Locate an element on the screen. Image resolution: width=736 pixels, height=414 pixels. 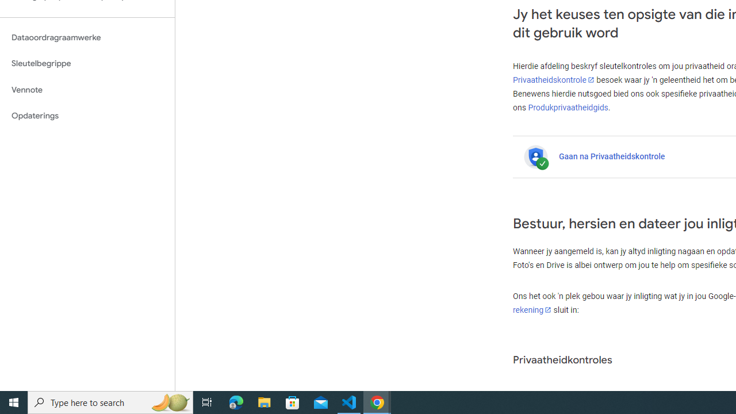
'Gaan na Privaatheidskontrole' is located at coordinates (611, 156).